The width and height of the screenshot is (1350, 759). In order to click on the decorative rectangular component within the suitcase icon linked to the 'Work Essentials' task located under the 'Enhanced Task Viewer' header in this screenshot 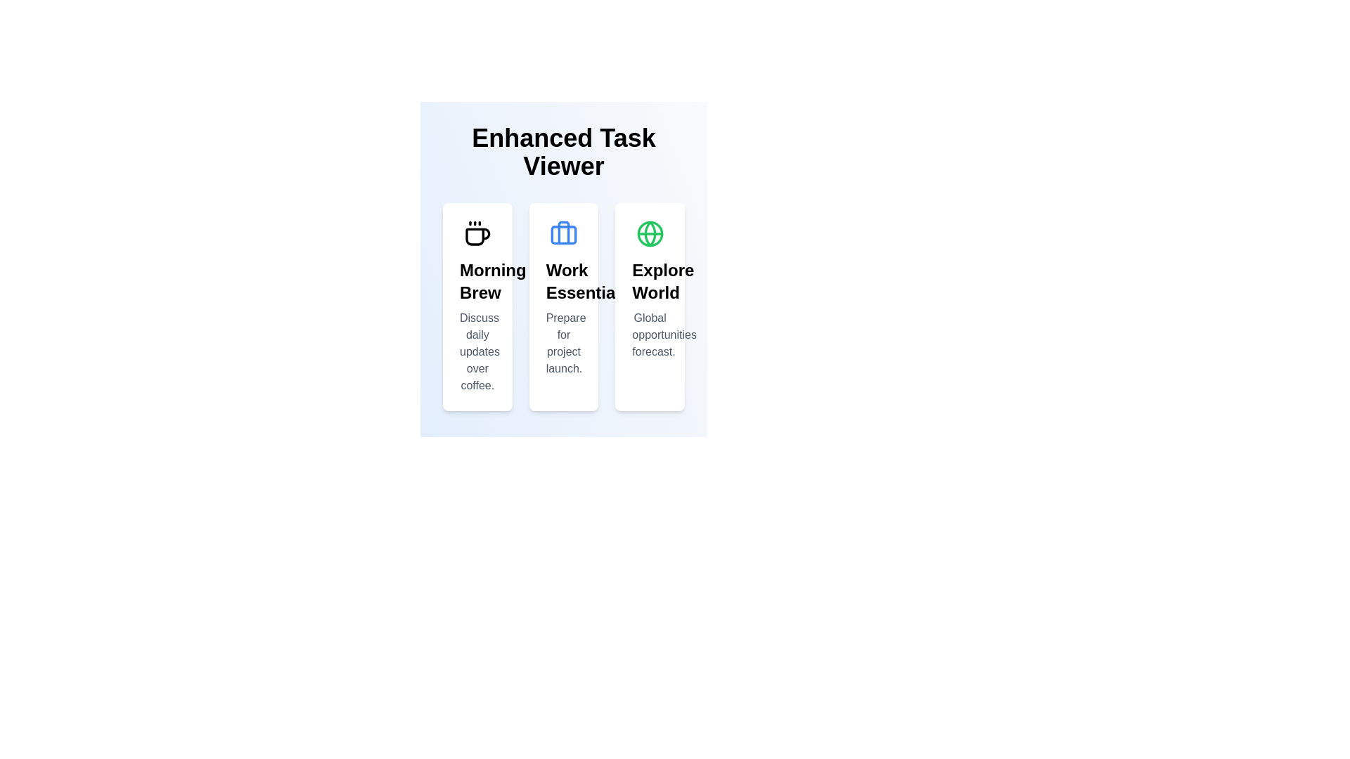, I will do `click(563, 234)`.